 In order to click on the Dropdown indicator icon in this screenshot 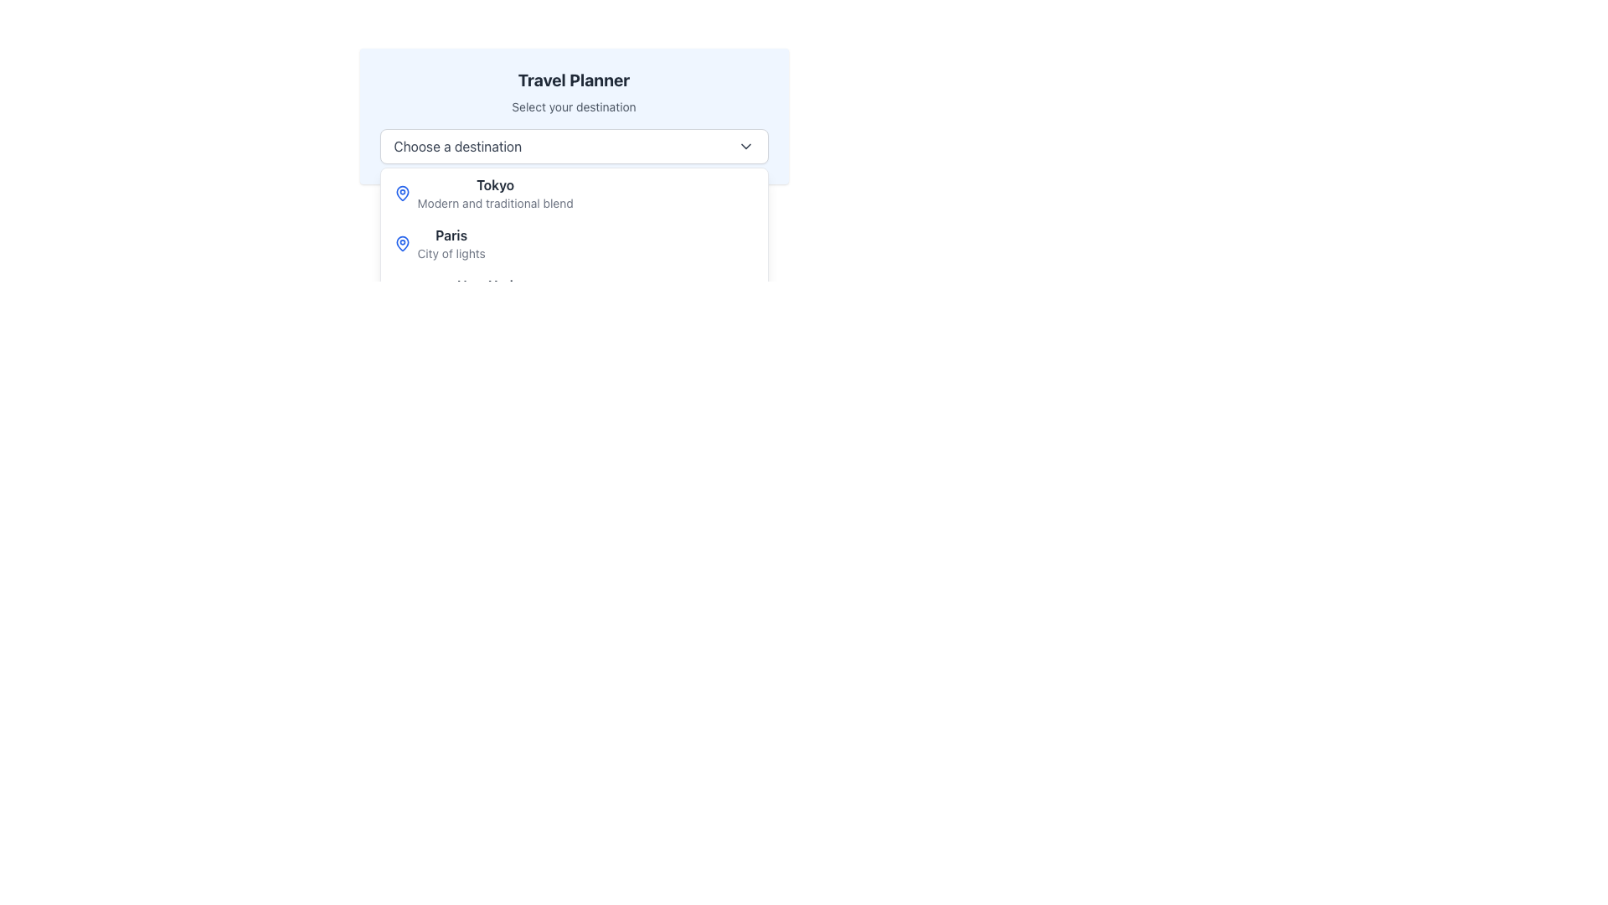, I will do `click(745, 145)`.